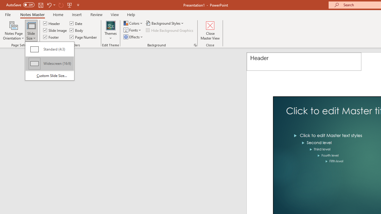  Describe the element at coordinates (133, 23) in the screenshot. I see `'Colors'` at that location.